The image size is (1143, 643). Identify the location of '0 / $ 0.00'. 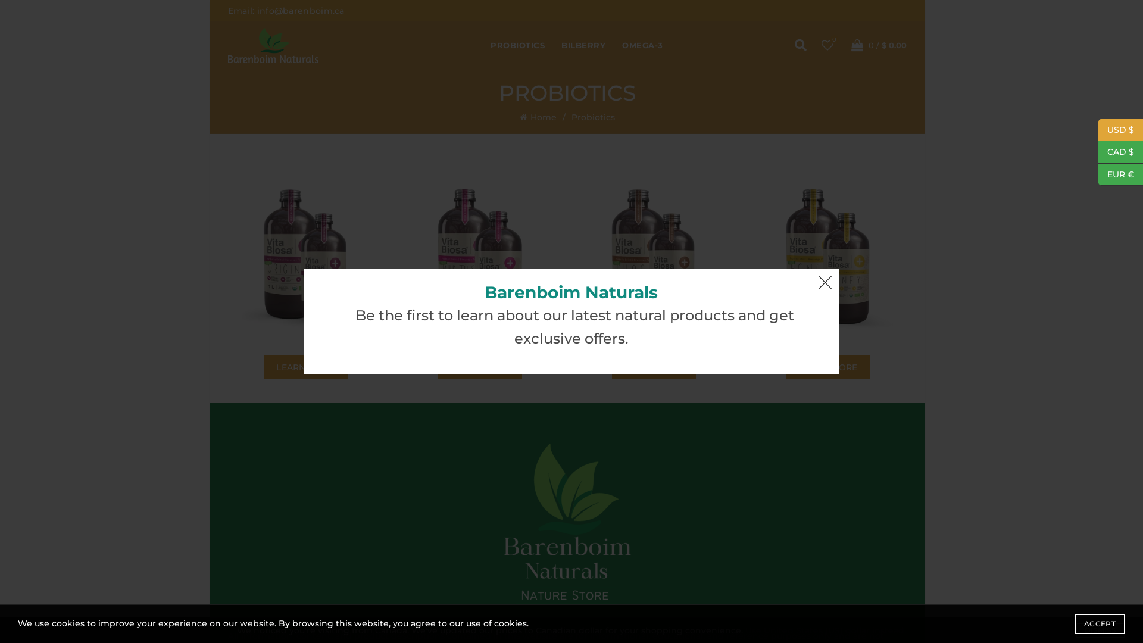
(877, 45).